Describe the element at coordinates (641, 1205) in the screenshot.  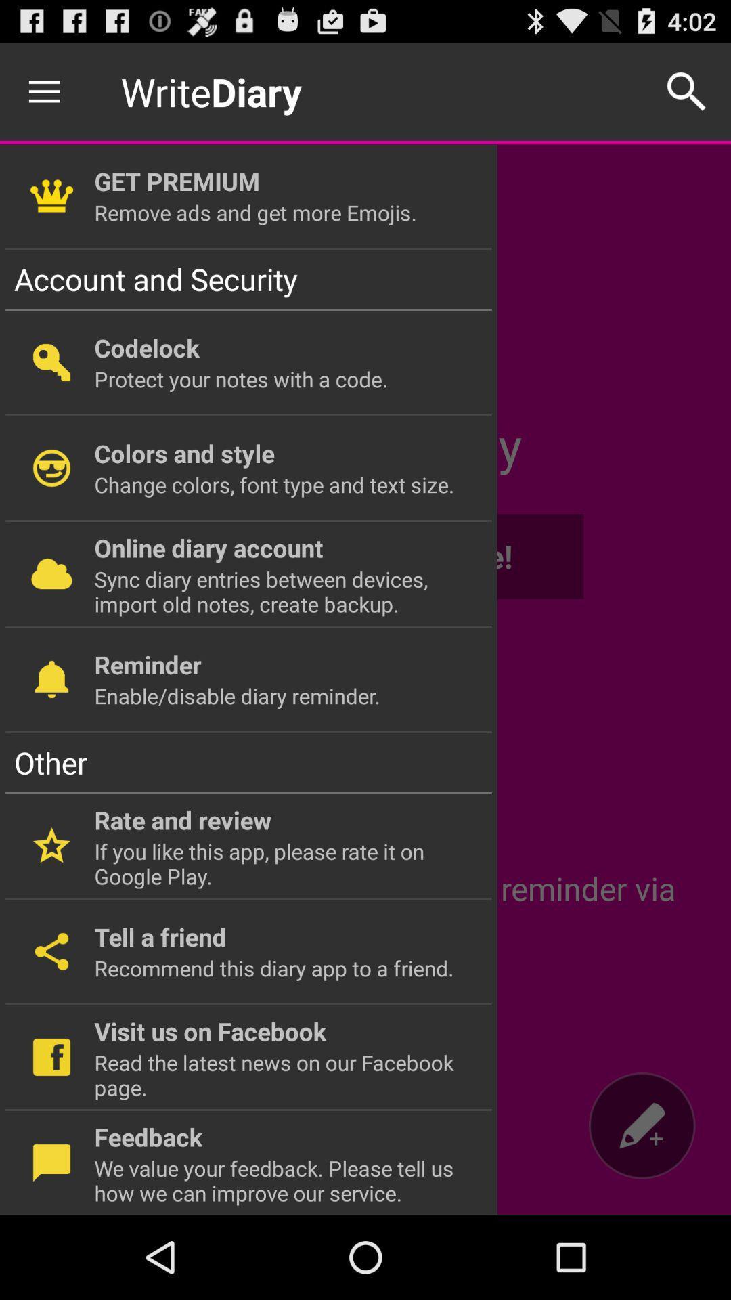
I see `the edit icon` at that location.